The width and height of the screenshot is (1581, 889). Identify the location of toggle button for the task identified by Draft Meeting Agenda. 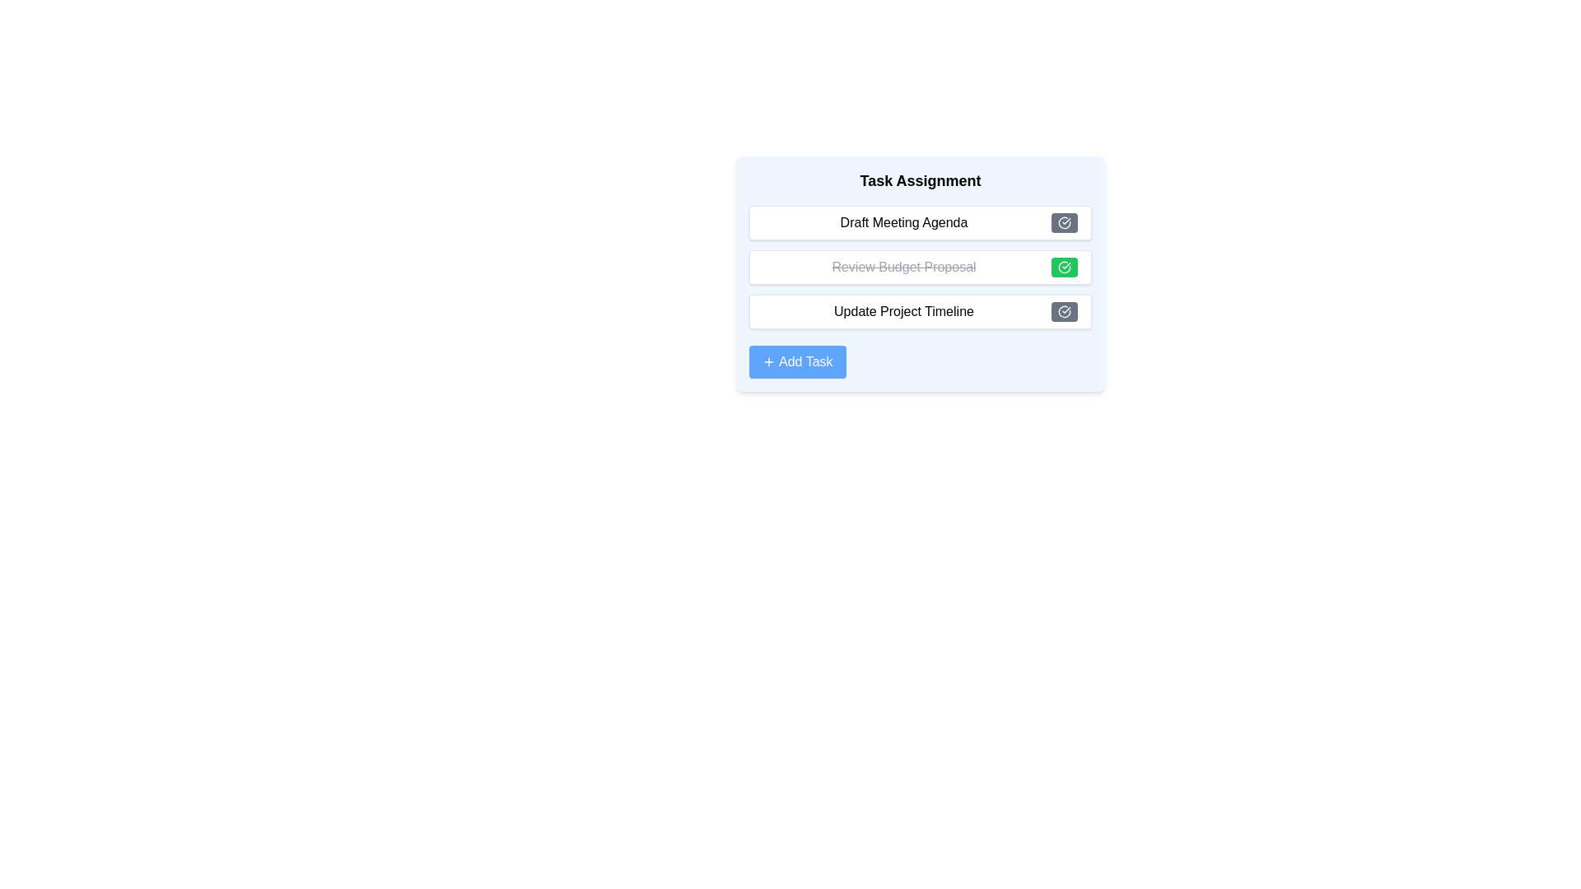
(1064, 222).